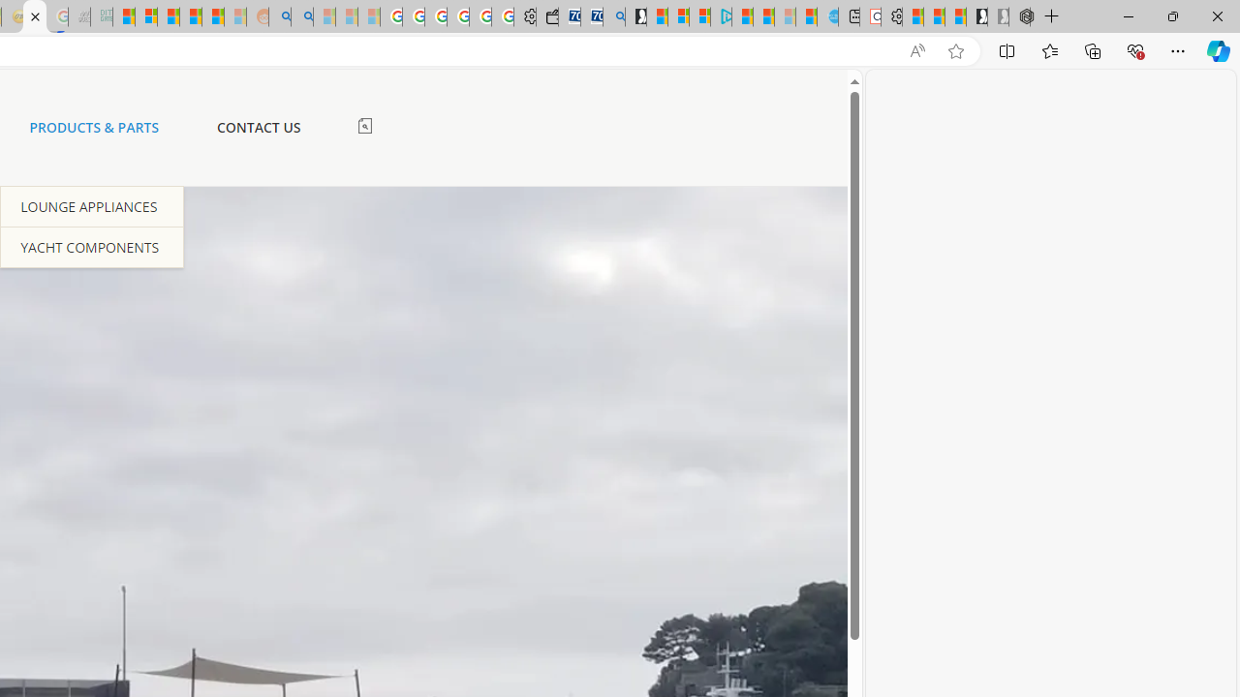 The image size is (1240, 697). What do you see at coordinates (785, 16) in the screenshot?
I see `'Microsoft Start - Sleeping'` at bounding box center [785, 16].